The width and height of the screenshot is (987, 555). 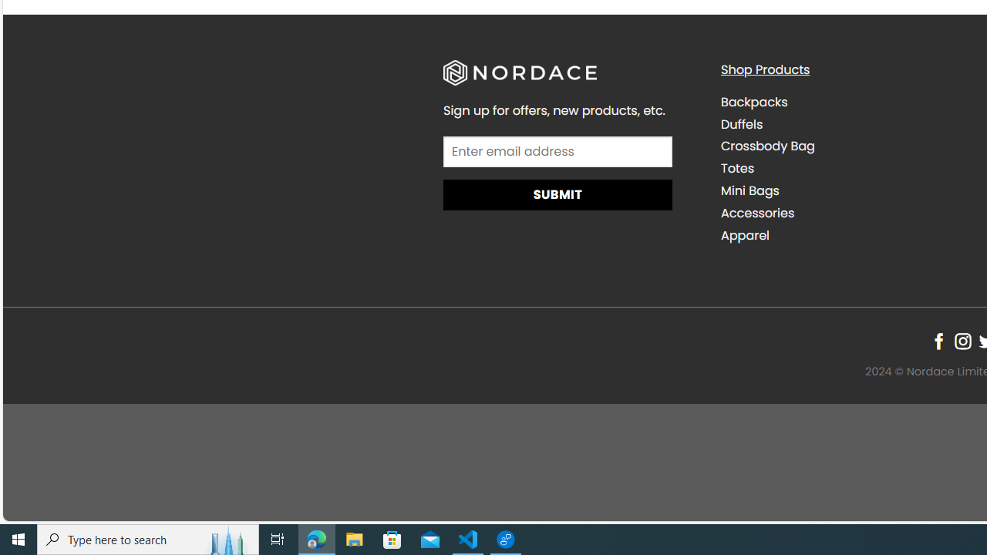 What do you see at coordinates (767, 146) in the screenshot?
I see `'Crossbody Bag'` at bounding box center [767, 146].